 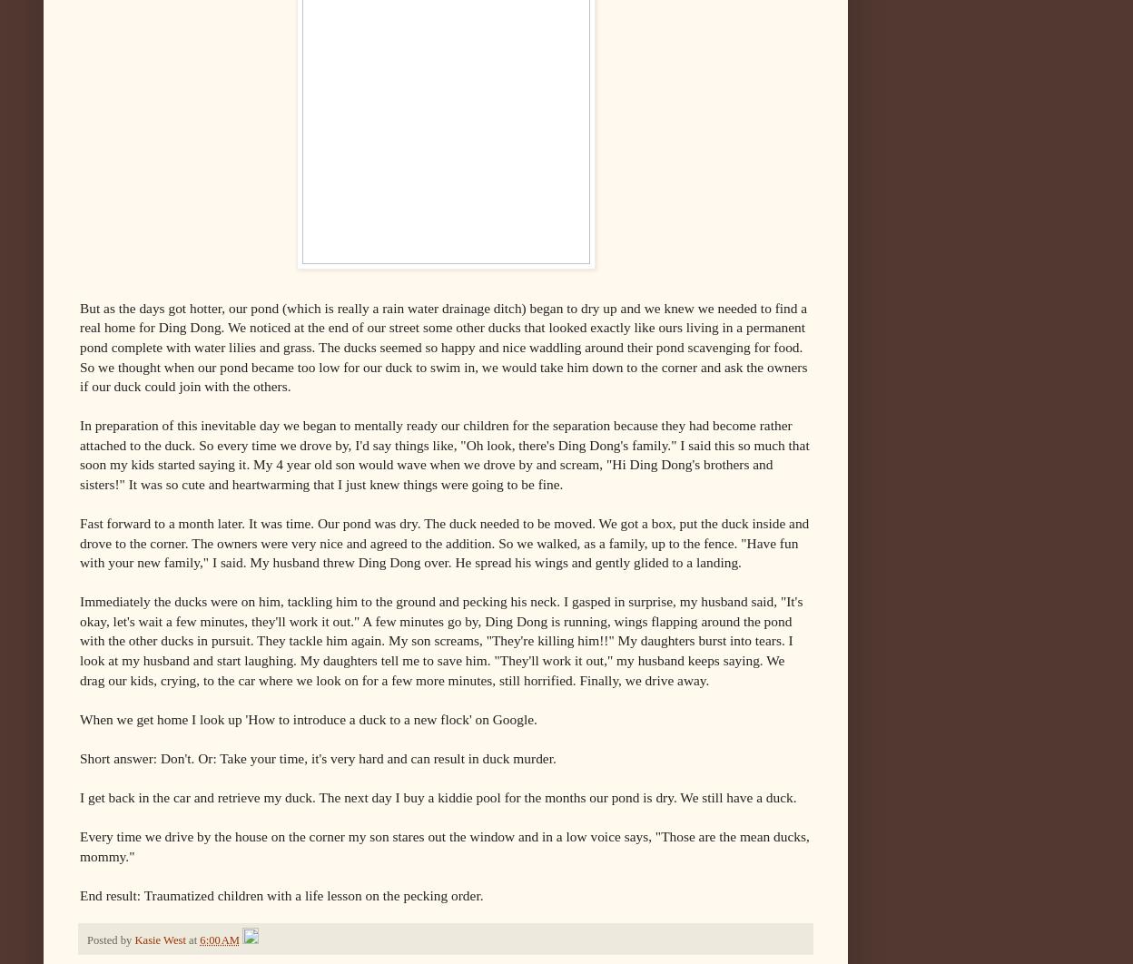 What do you see at coordinates (308, 718) in the screenshot?
I see `'When we get home I look up 'How to introduce a duck to a new flock' on Google.'` at bounding box center [308, 718].